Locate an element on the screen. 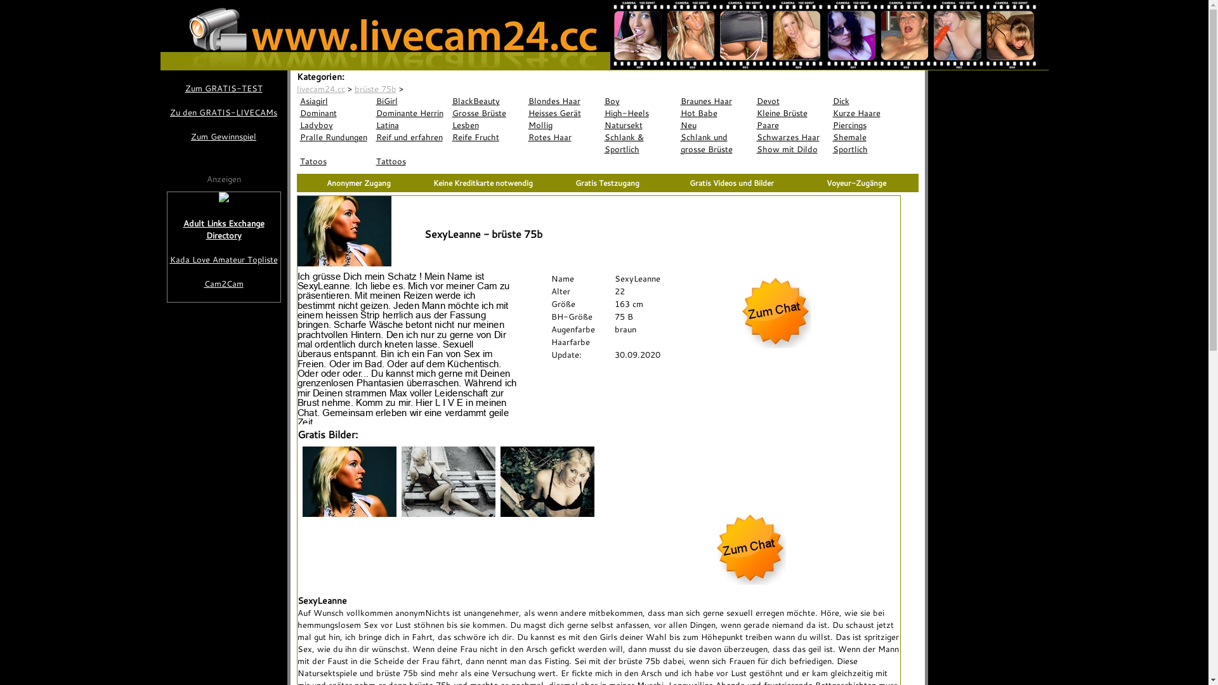 The width and height of the screenshot is (1218, 685). 'Schlank & Sportlich' is located at coordinates (639, 143).